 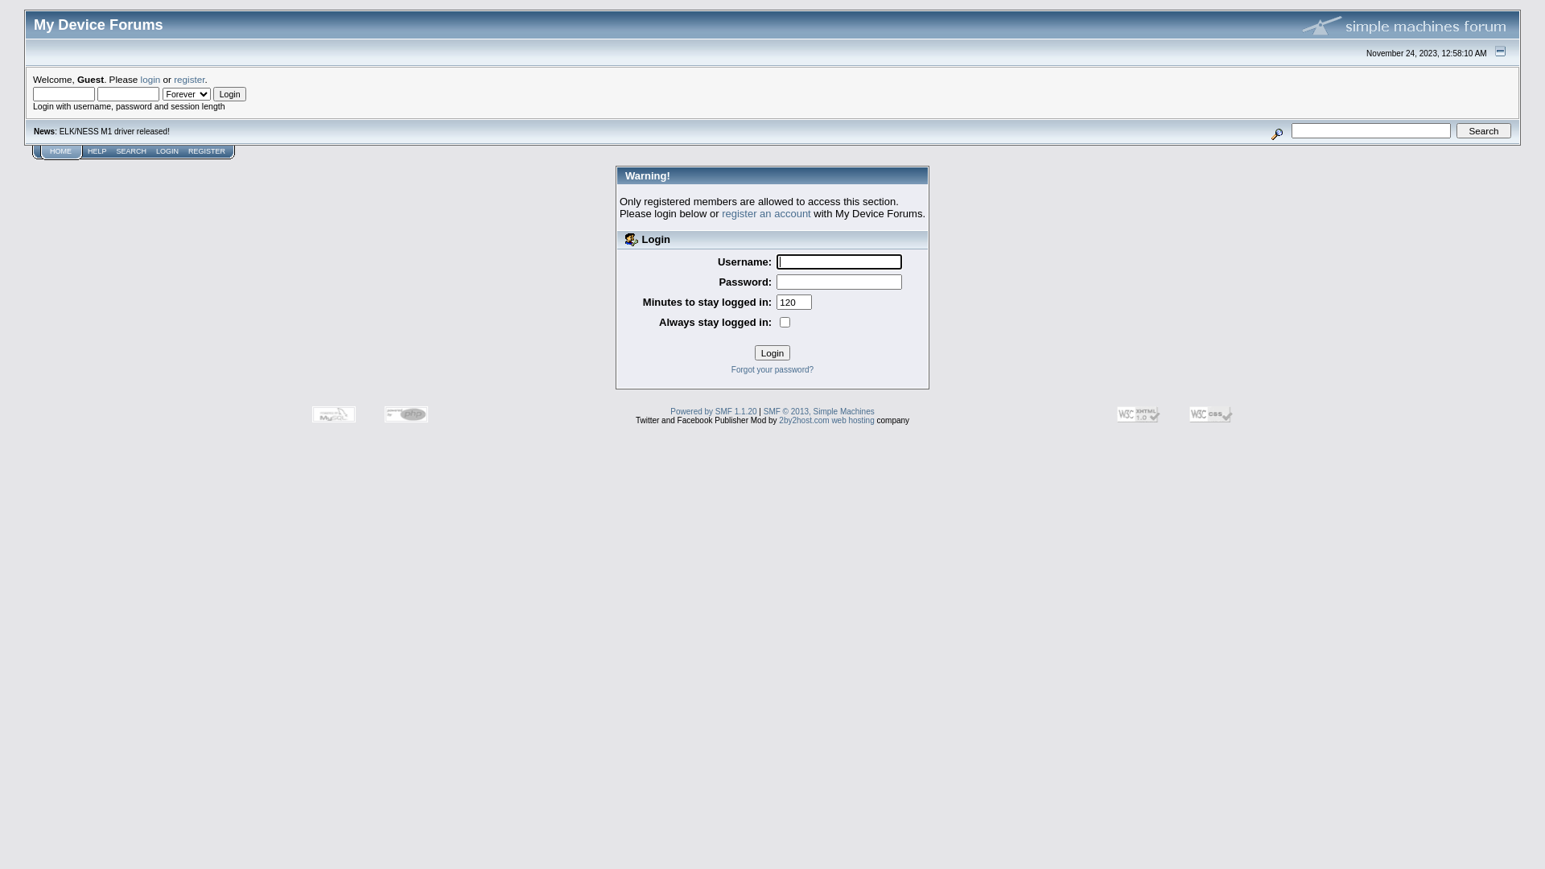 What do you see at coordinates (60, 151) in the screenshot?
I see `'HOME'` at bounding box center [60, 151].